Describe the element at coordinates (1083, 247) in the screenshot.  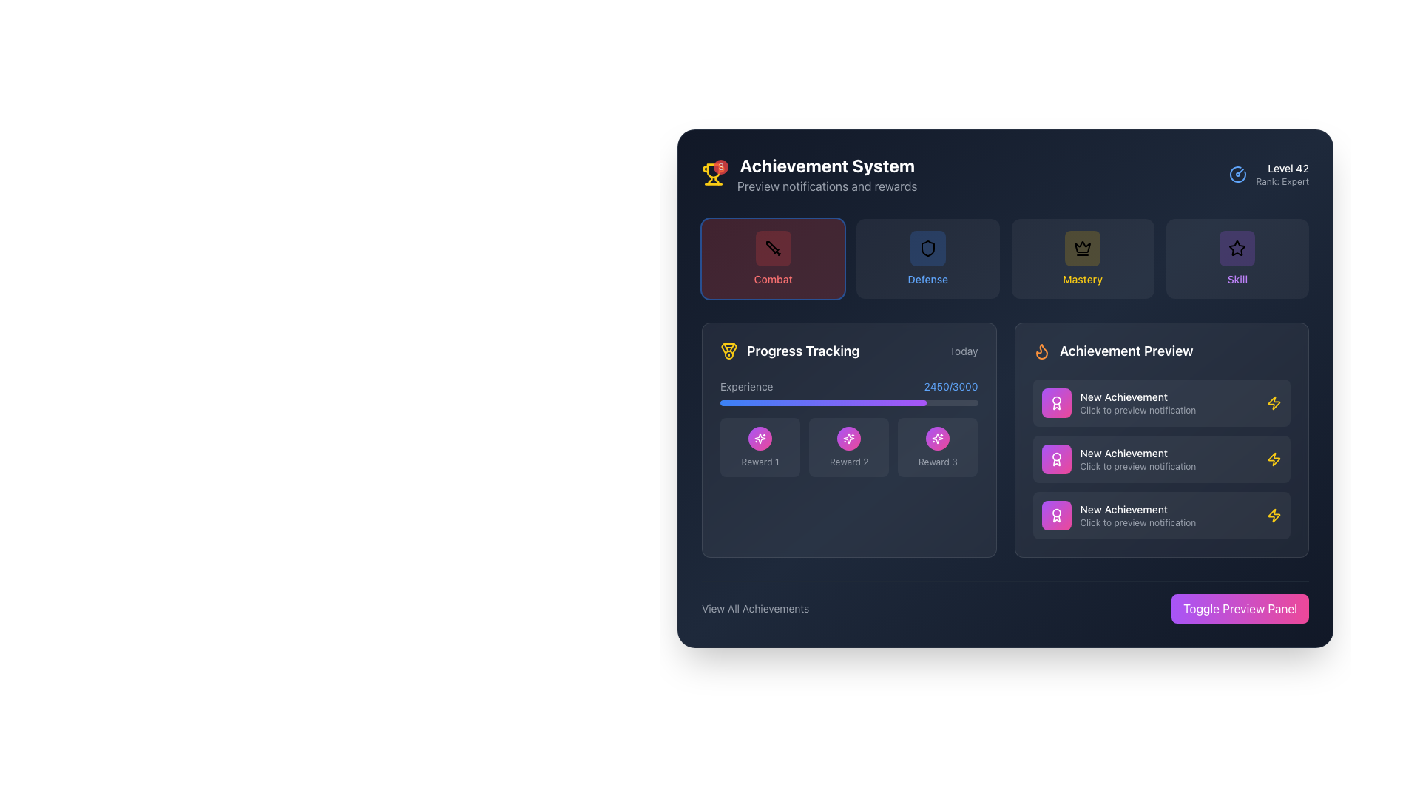
I see `the yellowish square icon with a rounded border and a black crown symbol` at that location.